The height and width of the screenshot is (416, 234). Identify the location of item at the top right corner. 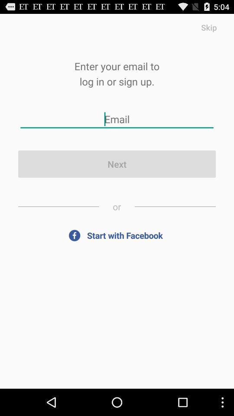
(208, 27).